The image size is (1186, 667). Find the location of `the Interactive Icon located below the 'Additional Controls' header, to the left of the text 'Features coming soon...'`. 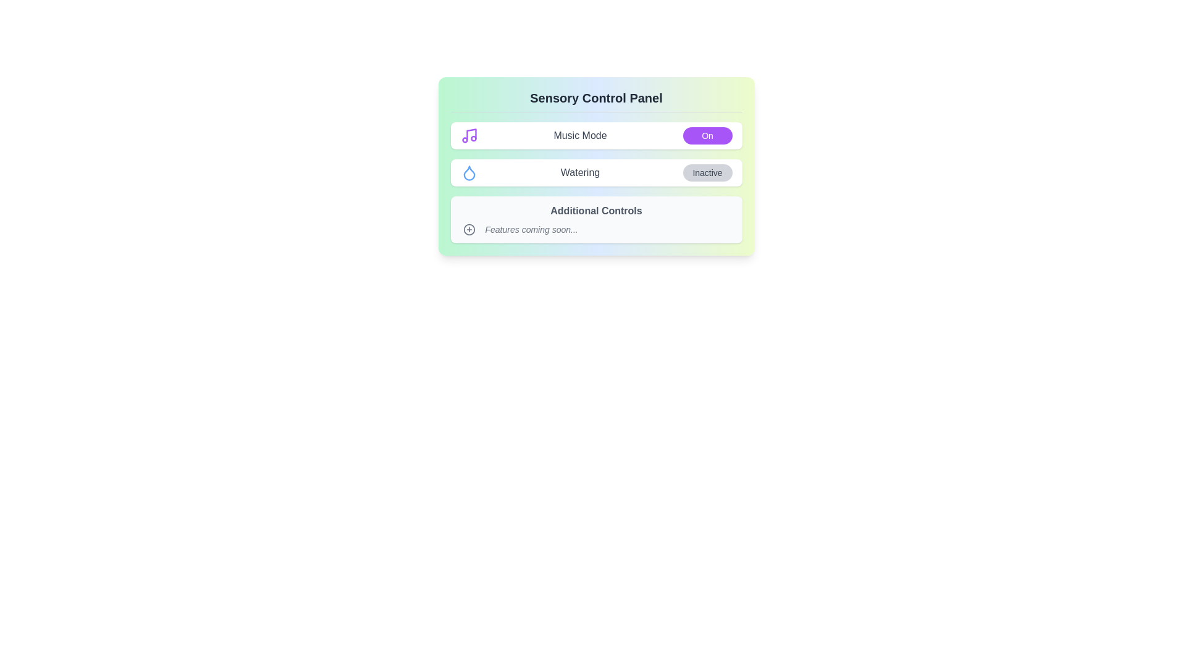

the Interactive Icon located below the 'Additional Controls' header, to the left of the text 'Features coming soon...' is located at coordinates (468, 229).